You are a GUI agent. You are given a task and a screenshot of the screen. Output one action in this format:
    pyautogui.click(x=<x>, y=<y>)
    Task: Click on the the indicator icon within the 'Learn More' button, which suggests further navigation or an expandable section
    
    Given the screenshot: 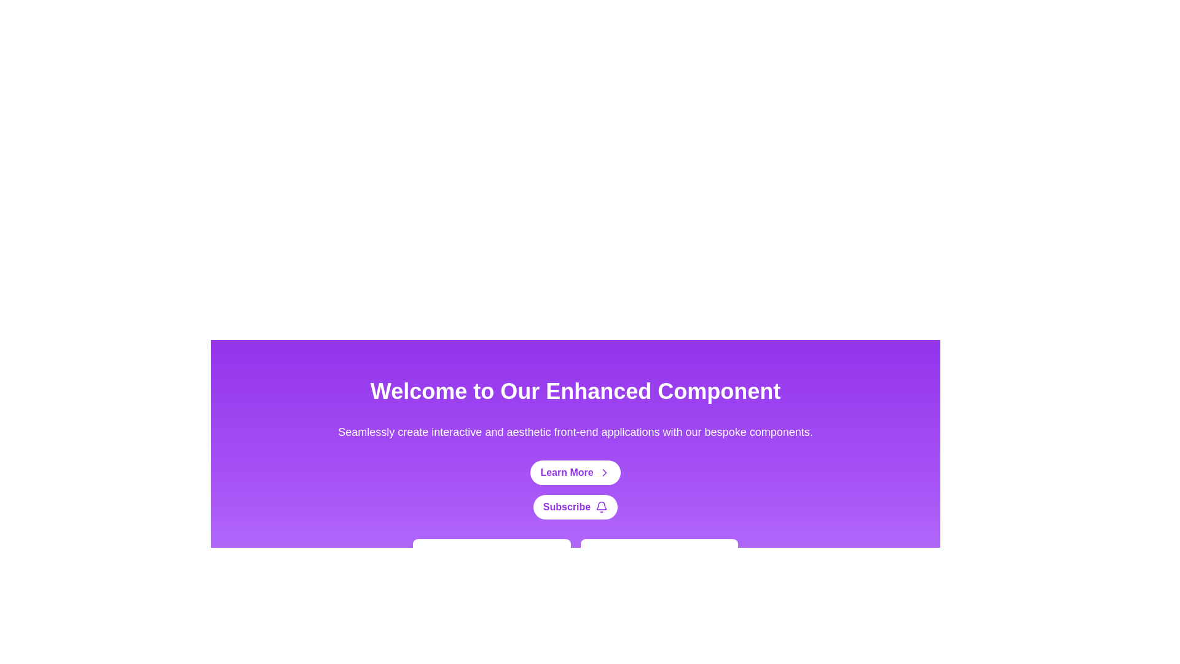 What is the action you would take?
    pyautogui.click(x=604, y=472)
    